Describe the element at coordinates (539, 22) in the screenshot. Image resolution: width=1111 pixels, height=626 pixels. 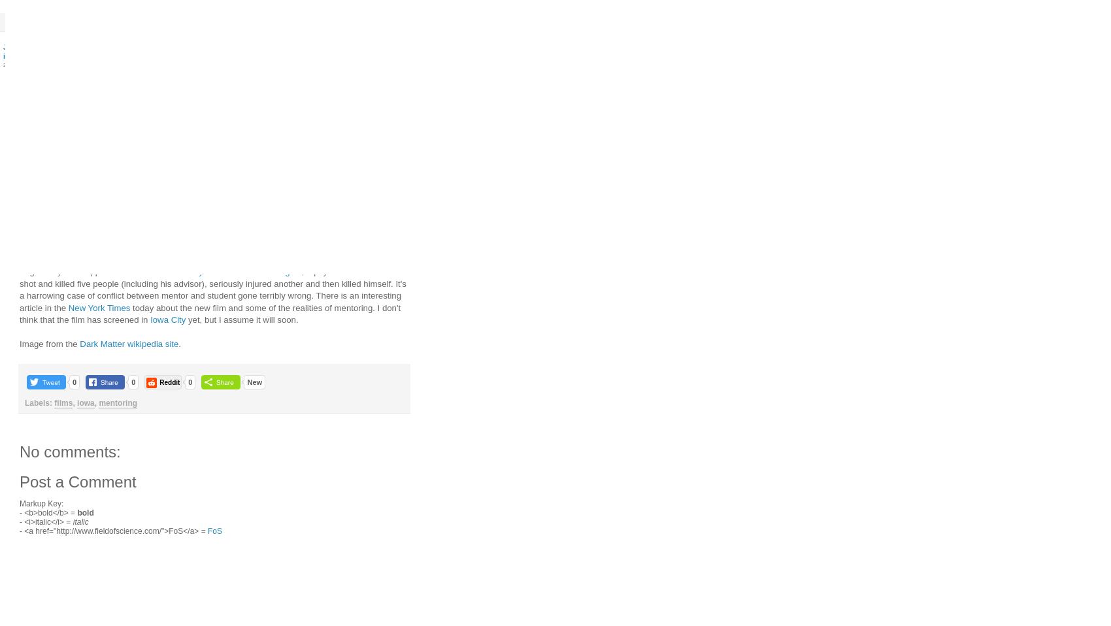
I see `'Field of Science'` at that location.